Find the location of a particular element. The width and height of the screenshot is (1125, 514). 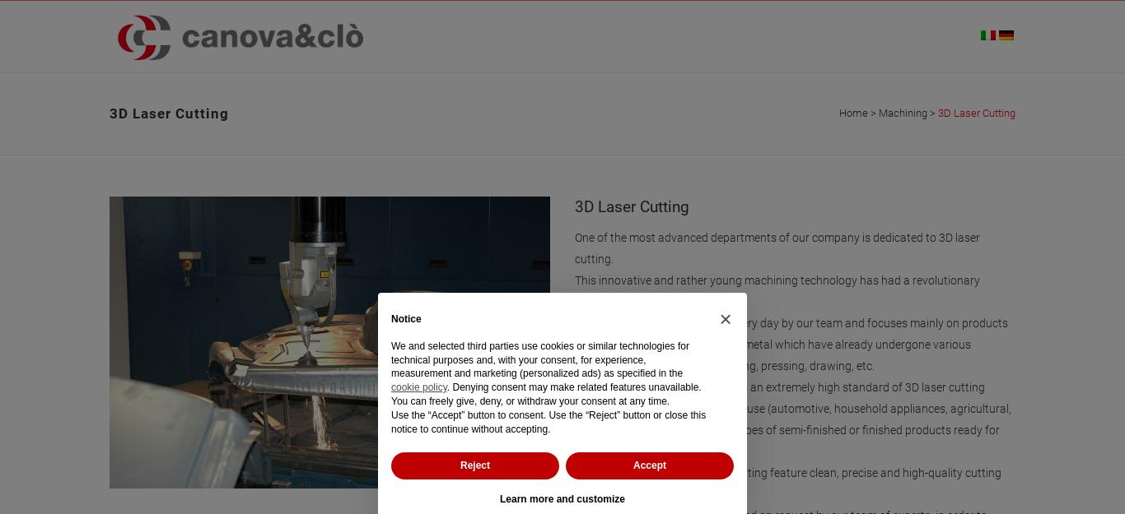

'You can freely give, deny, or withdraw your consent at any time.' is located at coordinates (529, 401).